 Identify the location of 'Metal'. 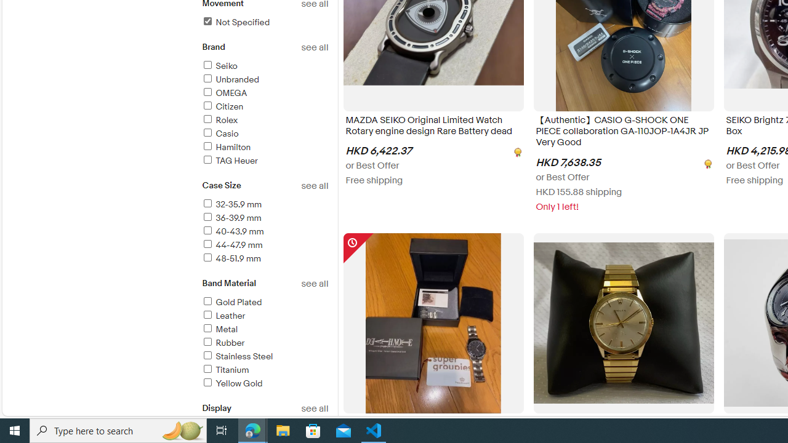
(264, 329).